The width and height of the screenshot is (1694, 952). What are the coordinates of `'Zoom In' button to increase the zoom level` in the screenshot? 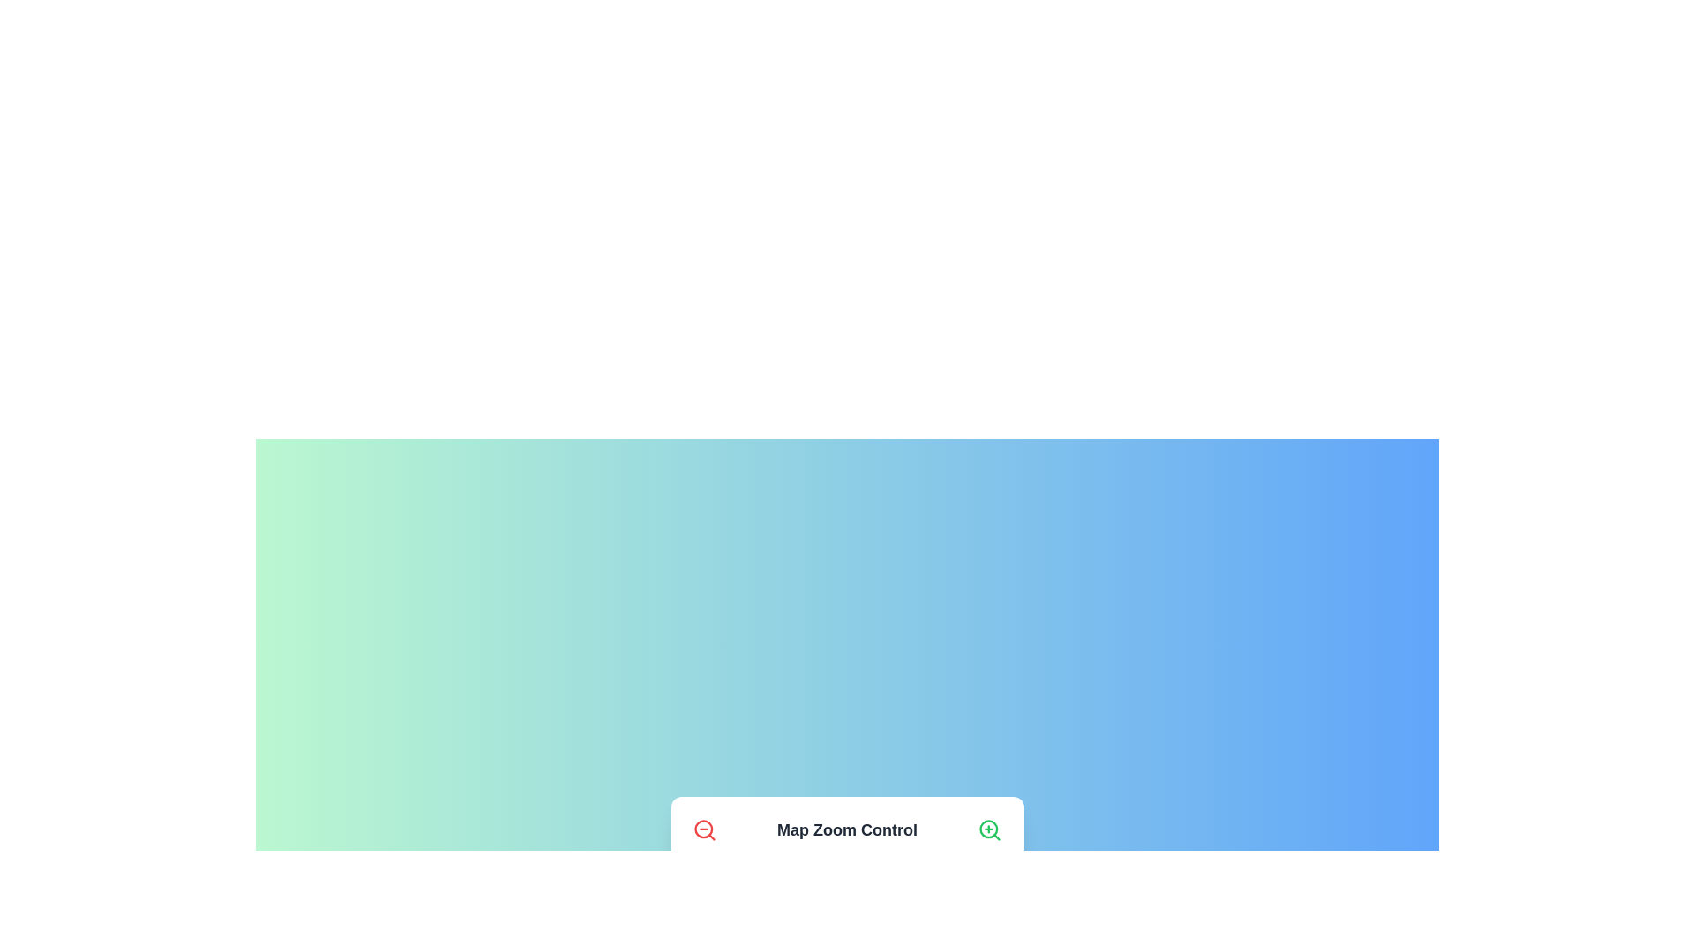 It's located at (990, 829).